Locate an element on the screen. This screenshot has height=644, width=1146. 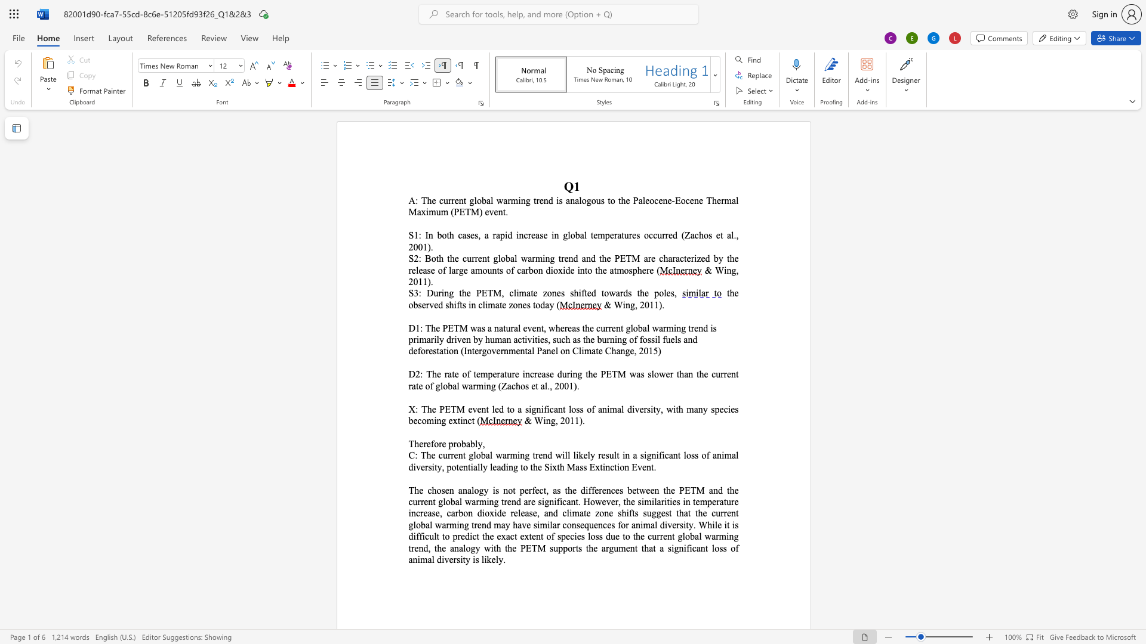
the 3th character "i" in the text is located at coordinates (580, 293).